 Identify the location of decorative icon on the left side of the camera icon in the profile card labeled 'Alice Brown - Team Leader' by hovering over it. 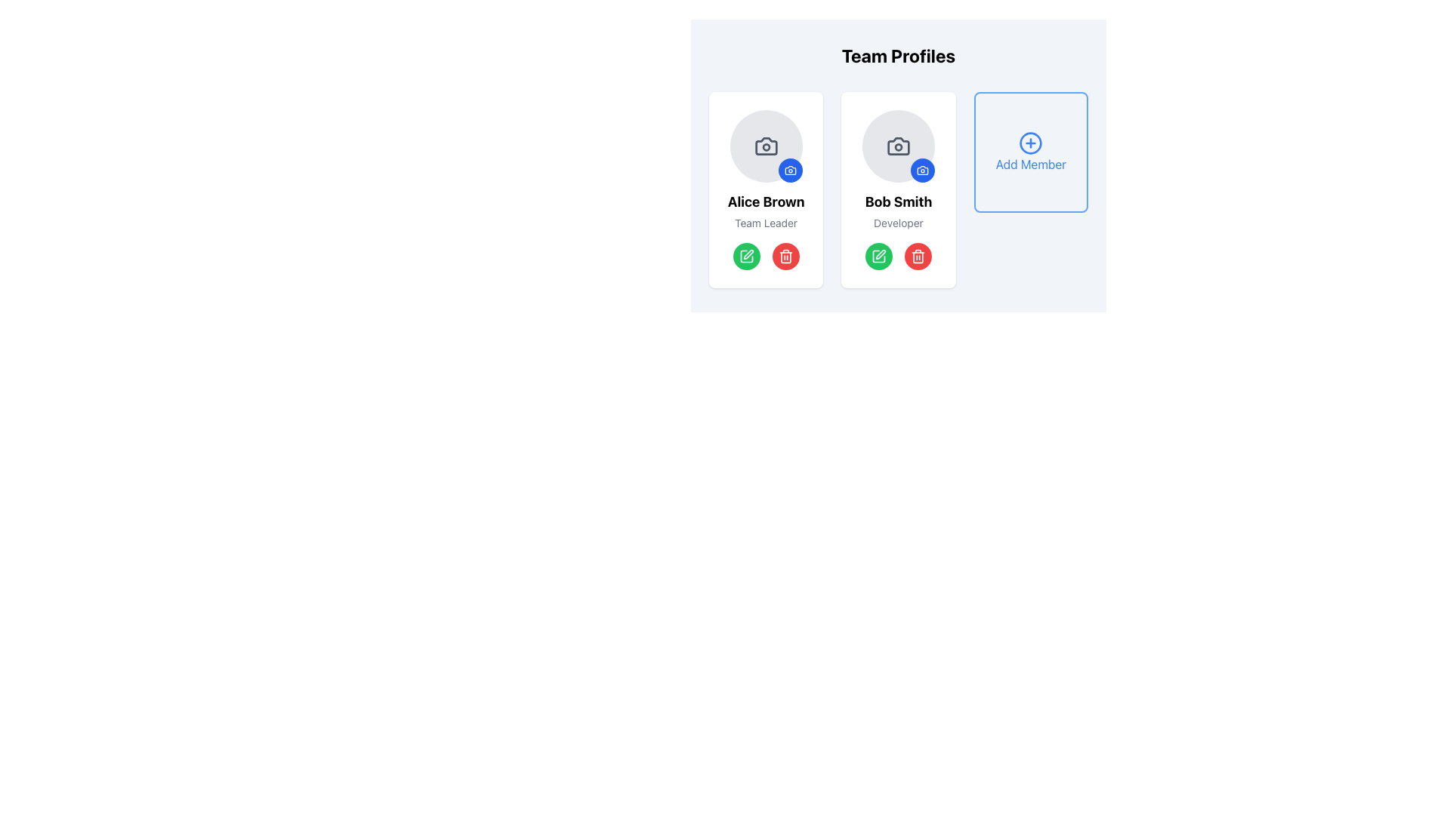
(789, 170).